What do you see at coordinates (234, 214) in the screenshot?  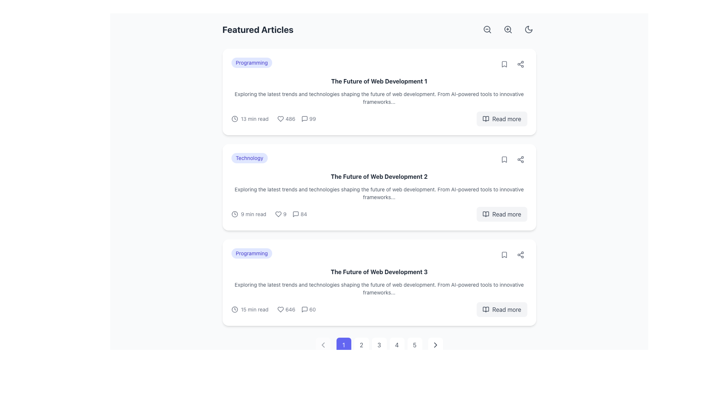 I see `the reading time indicator icon located to the left of the '9 min read' text in the lower metadata row of the second article card for 'The Future of Web Development 2'` at bounding box center [234, 214].